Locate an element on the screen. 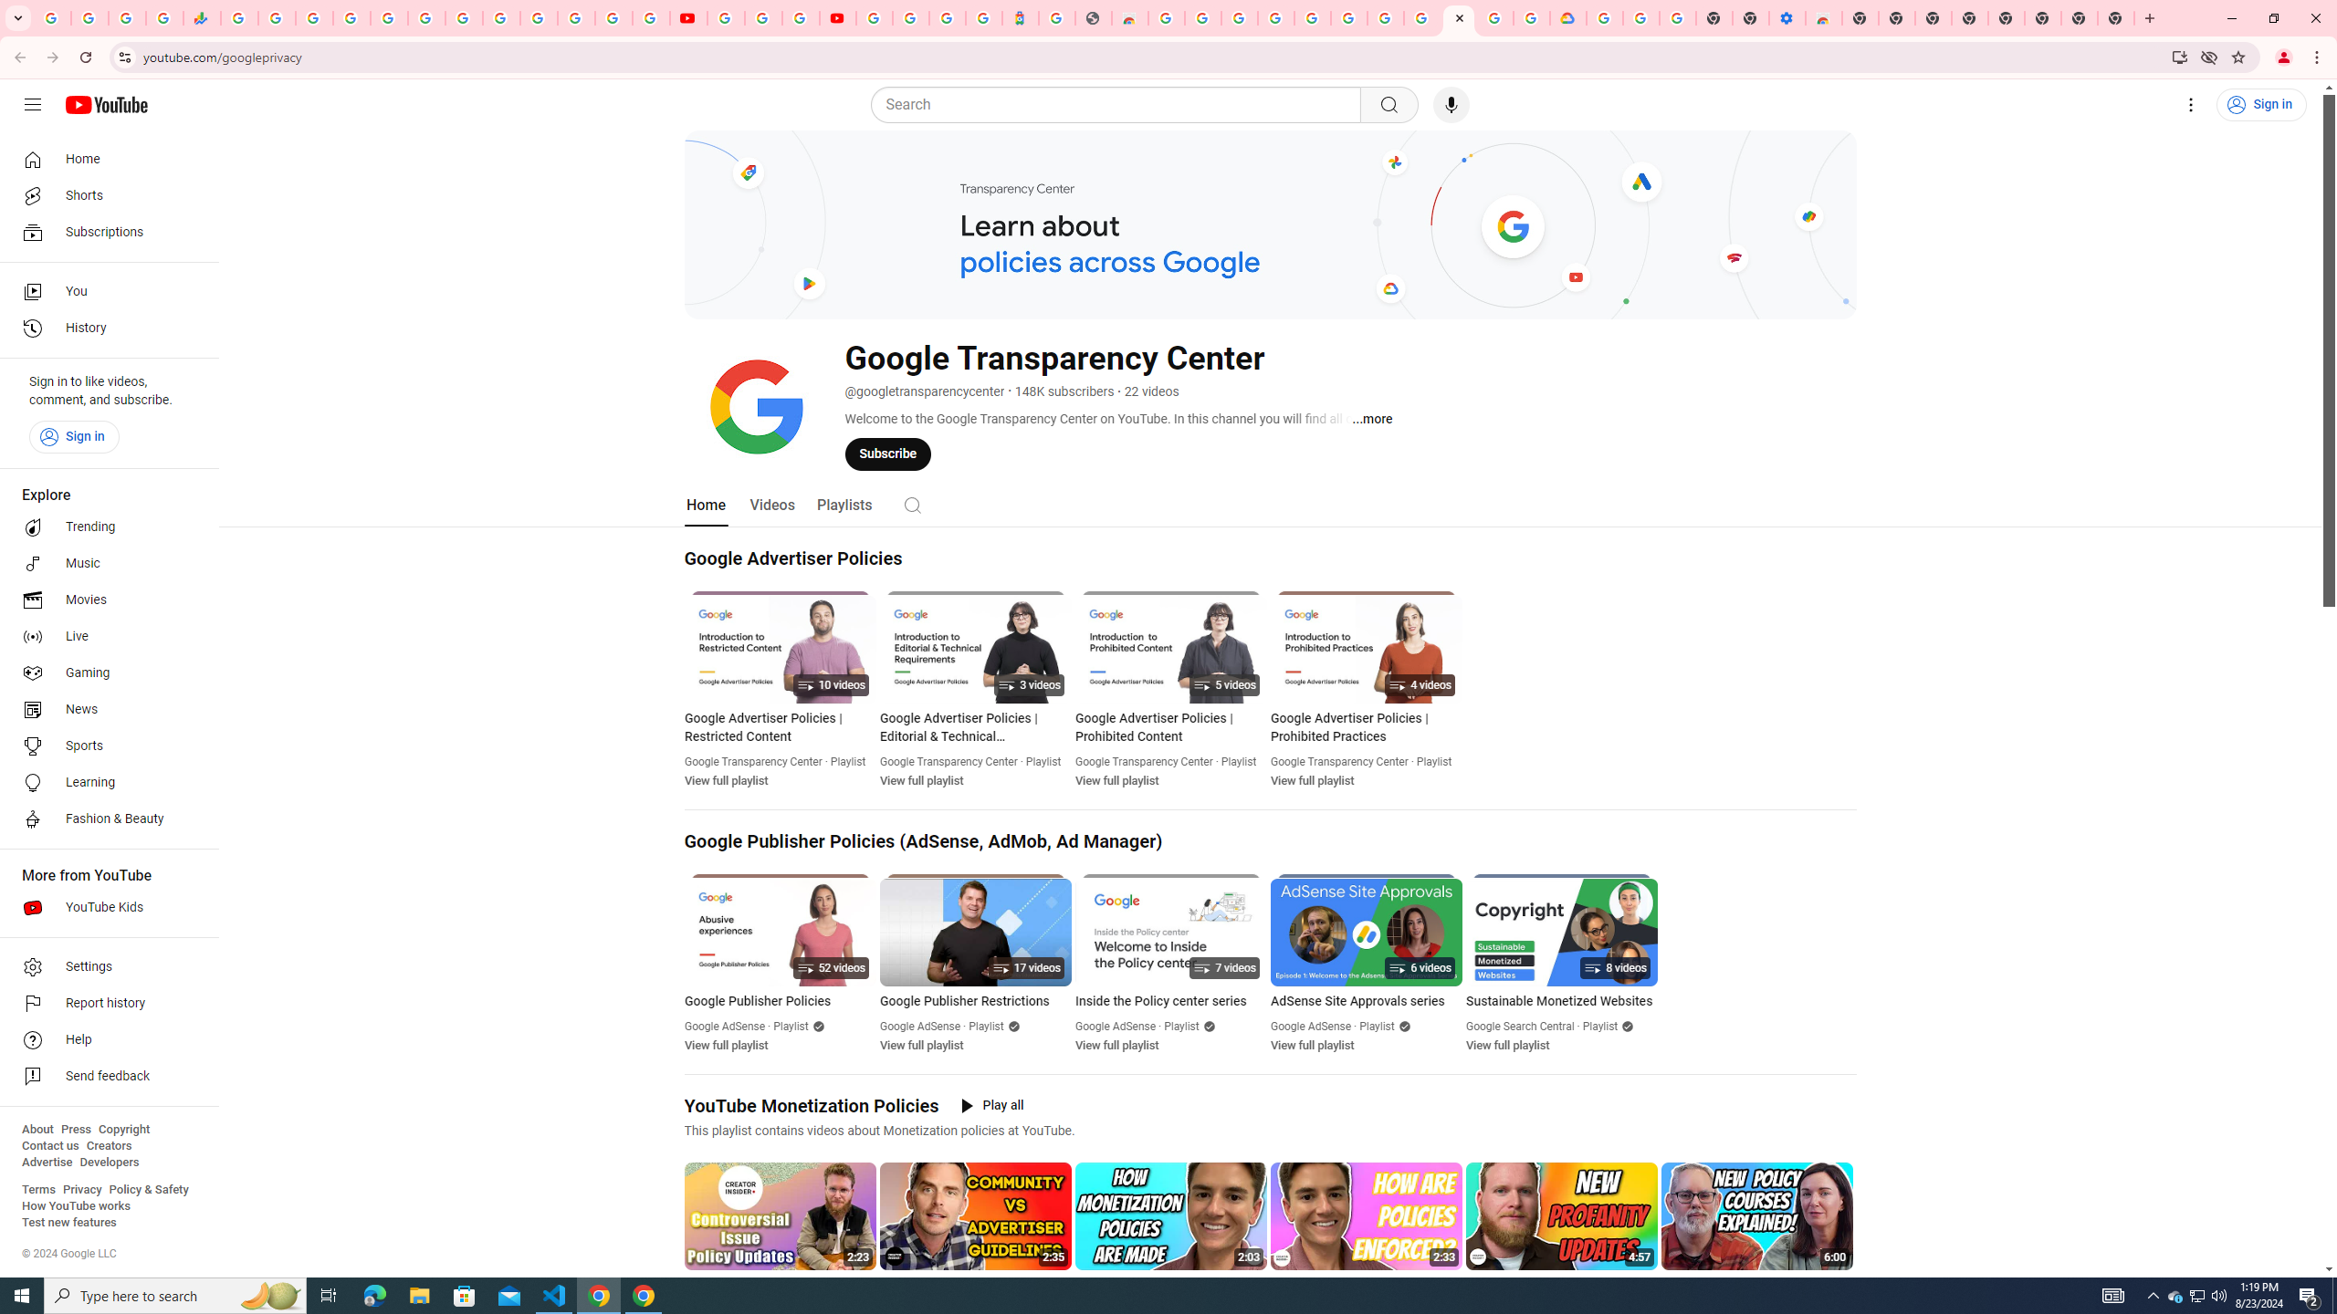 The width and height of the screenshot is (2337, 1314). 'Creators' is located at coordinates (109, 1145).